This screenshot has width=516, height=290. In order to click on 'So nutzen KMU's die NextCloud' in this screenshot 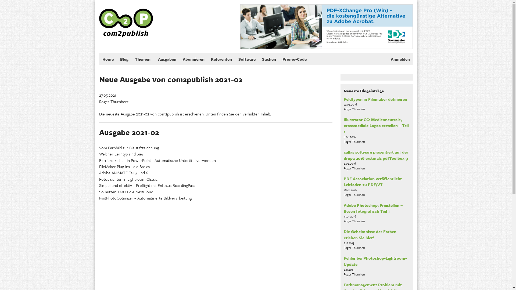, I will do `click(126, 191)`.